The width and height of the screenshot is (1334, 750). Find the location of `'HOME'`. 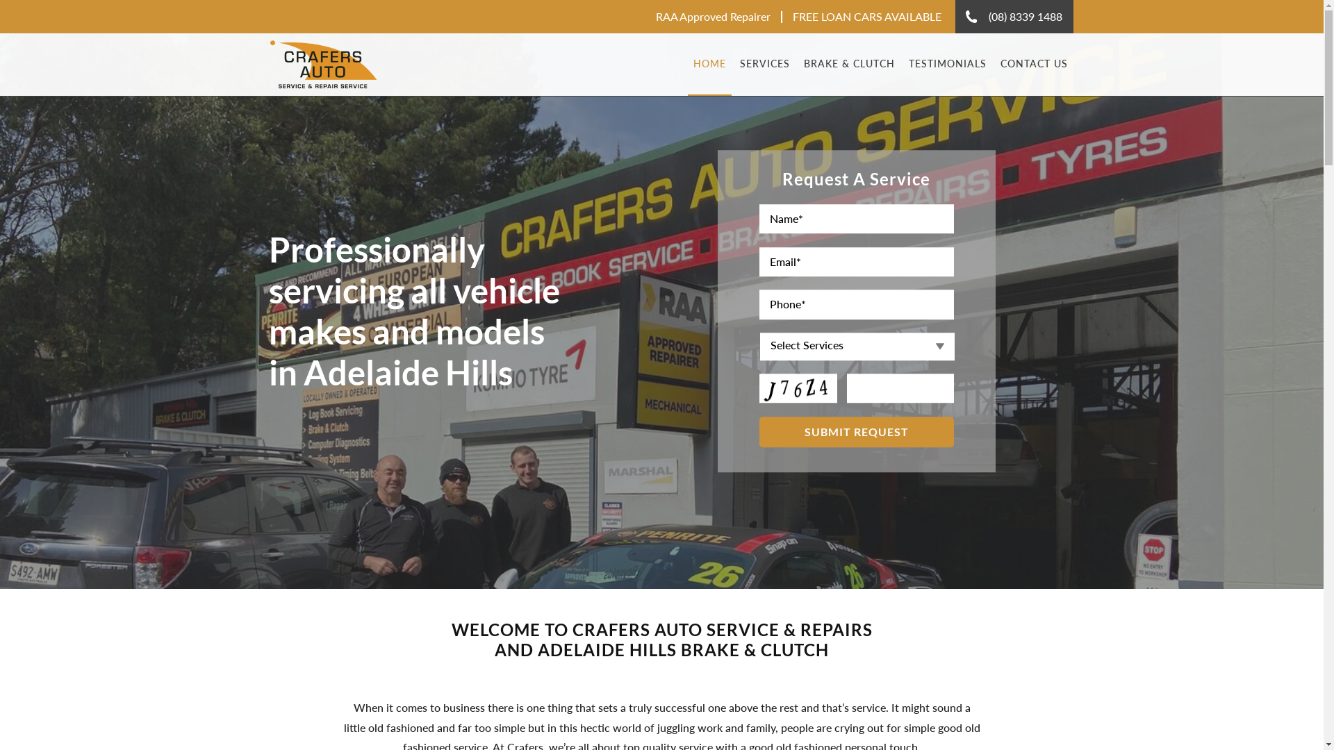

'HOME' is located at coordinates (687, 64).